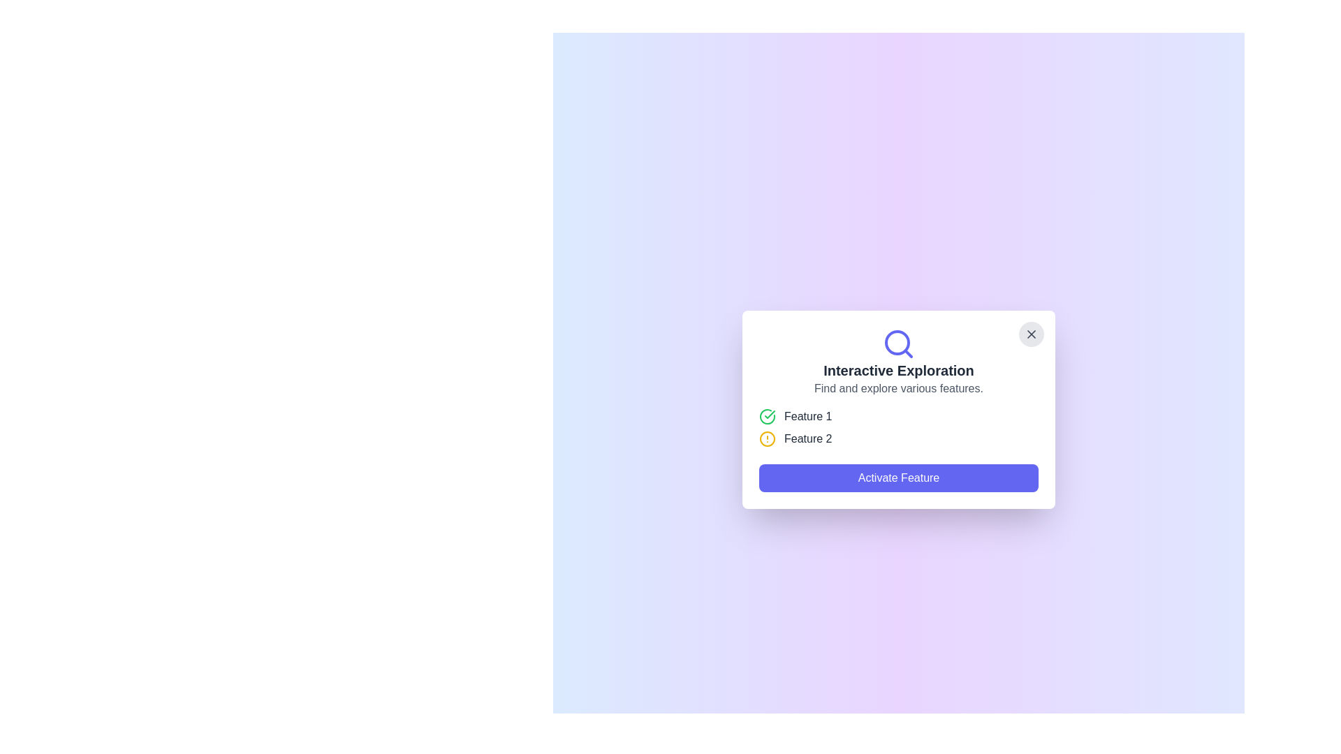 This screenshot has width=1341, height=754. What do you see at coordinates (898, 408) in the screenshot?
I see `the features listed in the 'Interactive Exploration' modal dialog box, which includes a button labeled 'Activate Feature' at the bottom` at bounding box center [898, 408].